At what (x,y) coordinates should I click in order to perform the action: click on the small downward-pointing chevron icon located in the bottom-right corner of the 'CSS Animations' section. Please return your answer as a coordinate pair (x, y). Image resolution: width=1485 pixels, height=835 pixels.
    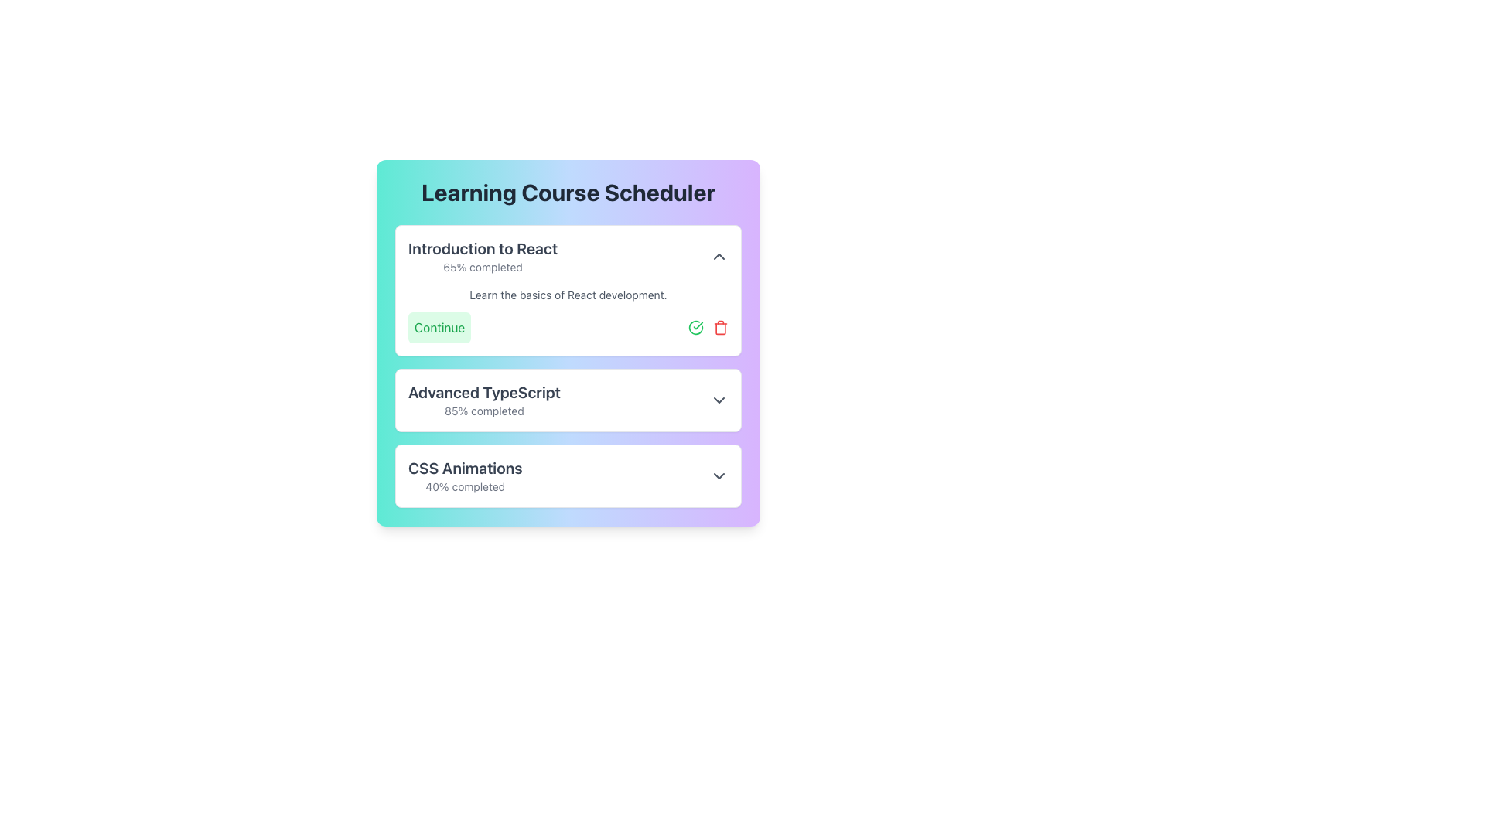
    Looking at the image, I should click on (719, 475).